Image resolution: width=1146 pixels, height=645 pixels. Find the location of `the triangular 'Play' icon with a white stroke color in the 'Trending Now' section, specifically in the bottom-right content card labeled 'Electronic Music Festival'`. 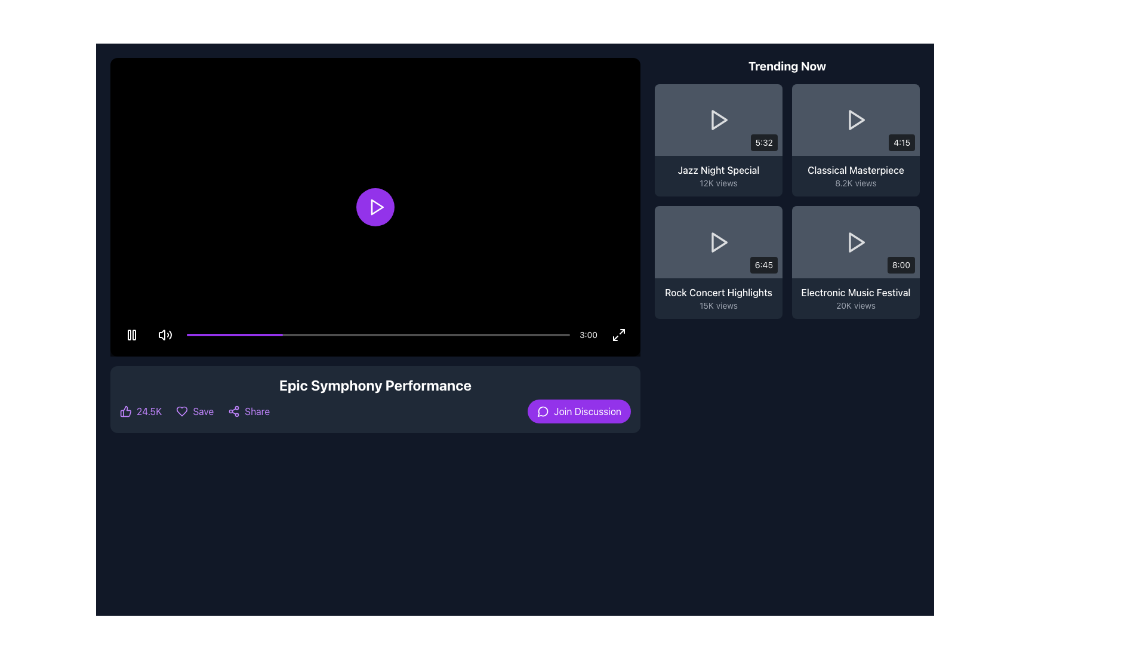

the triangular 'Play' icon with a white stroke color in the 'Trending Now' section, specifically in the bottom-right content card labeled 'Electronic Music Festival' is located at coordinates (855, 242).